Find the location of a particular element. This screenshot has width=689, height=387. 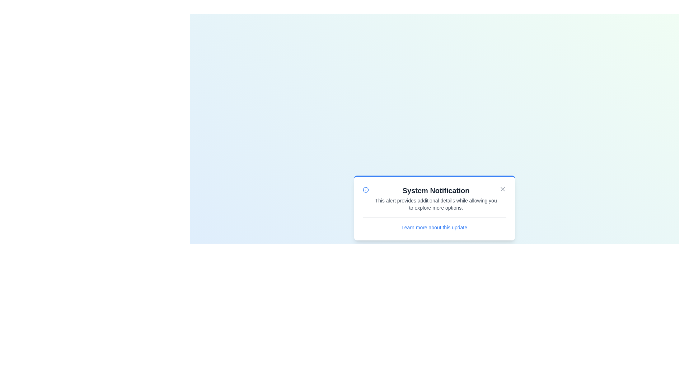

'Learn more about this update' link is located at coordinates (434, 227).